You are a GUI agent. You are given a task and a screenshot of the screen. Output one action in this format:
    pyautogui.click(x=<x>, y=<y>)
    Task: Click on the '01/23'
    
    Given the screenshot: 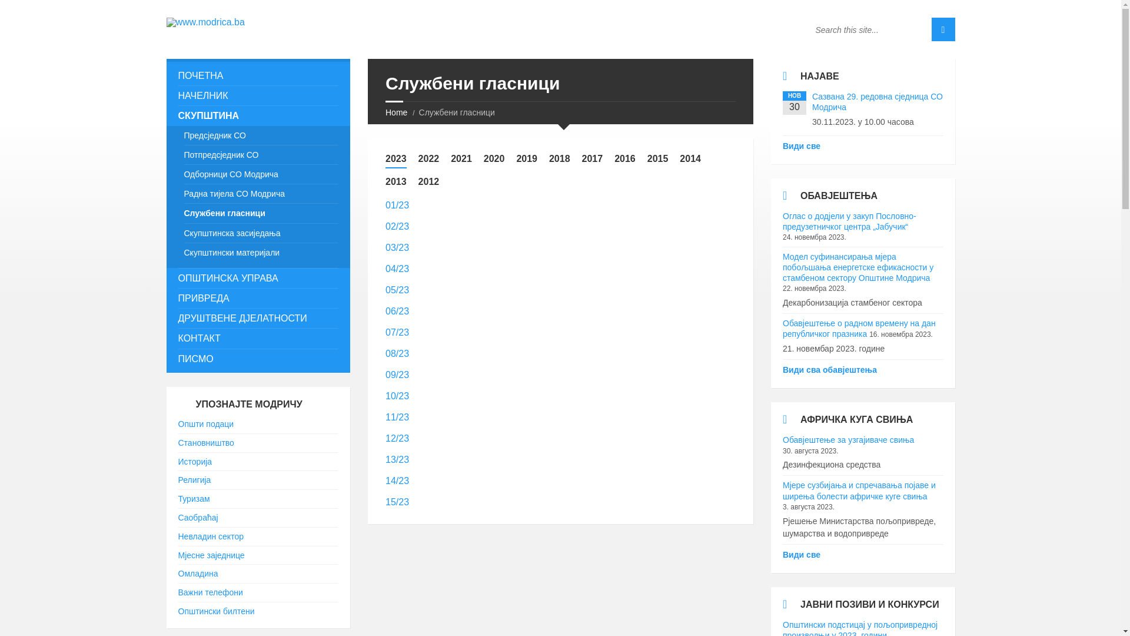 What is the action you would take?
    pyautogui.click(x=385, y=204)
    